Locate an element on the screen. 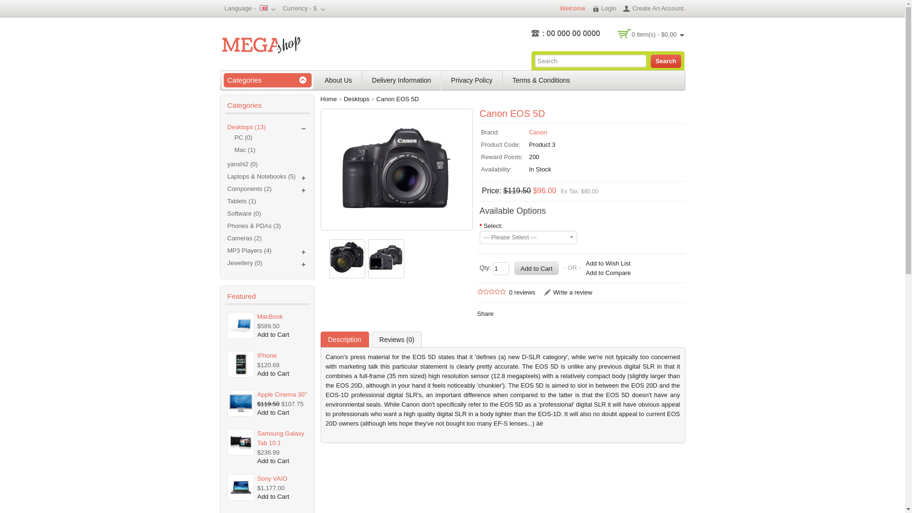 This screenshot has height=513, width=912. 'Add to Compare' is located at coordinates (608, 273).